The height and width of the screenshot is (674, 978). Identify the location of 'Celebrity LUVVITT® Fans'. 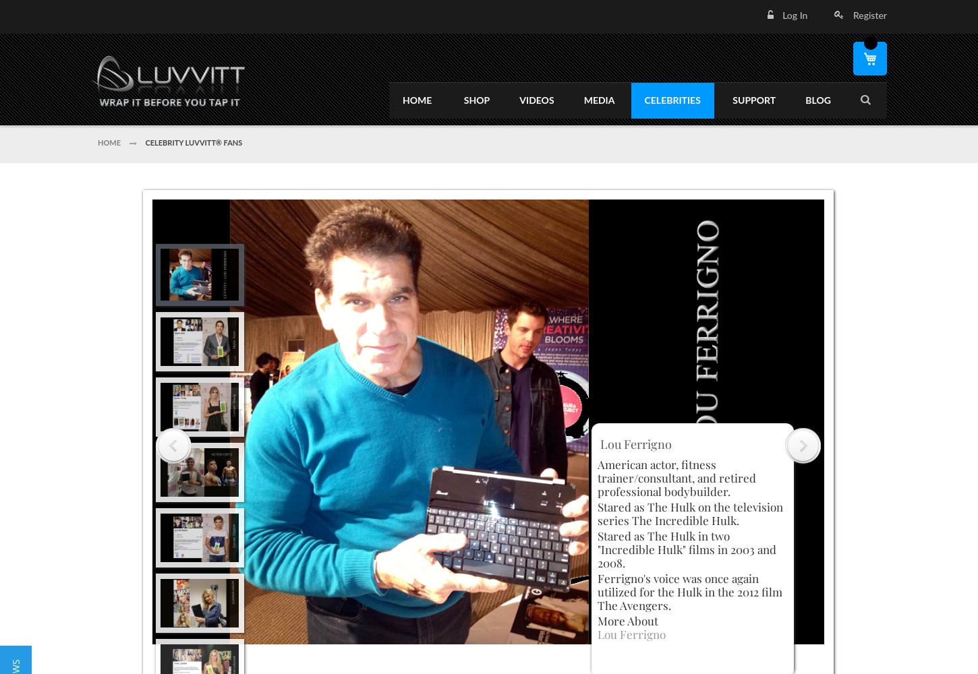
(193, 142).